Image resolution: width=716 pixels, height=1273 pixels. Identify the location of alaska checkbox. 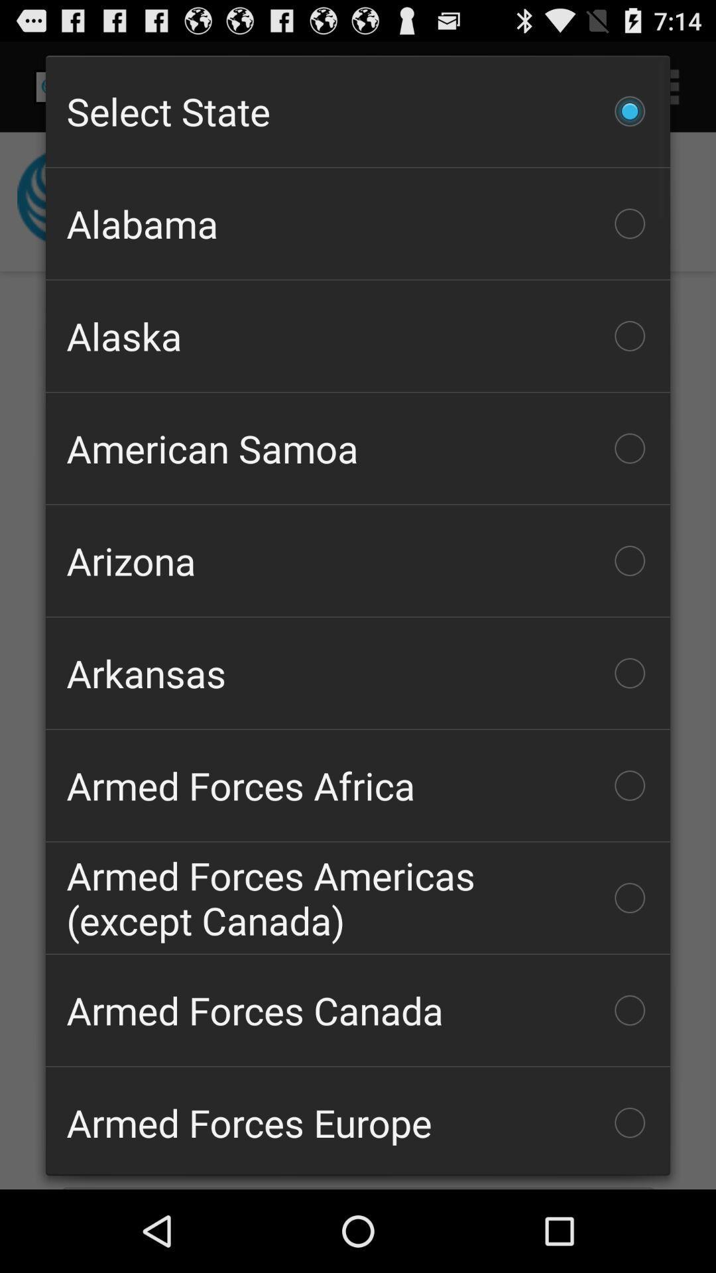
(358, 336).